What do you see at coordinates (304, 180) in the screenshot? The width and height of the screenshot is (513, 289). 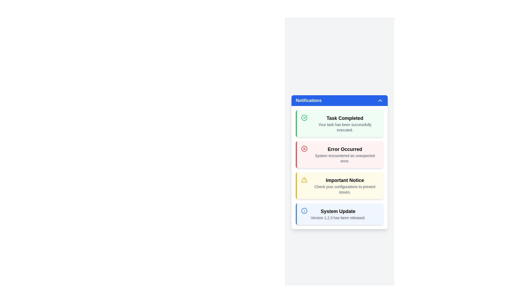 I see `the triangular alert symbol within the yellow notification box labeled 'Important Notice'` at bounding box center [304, 180].